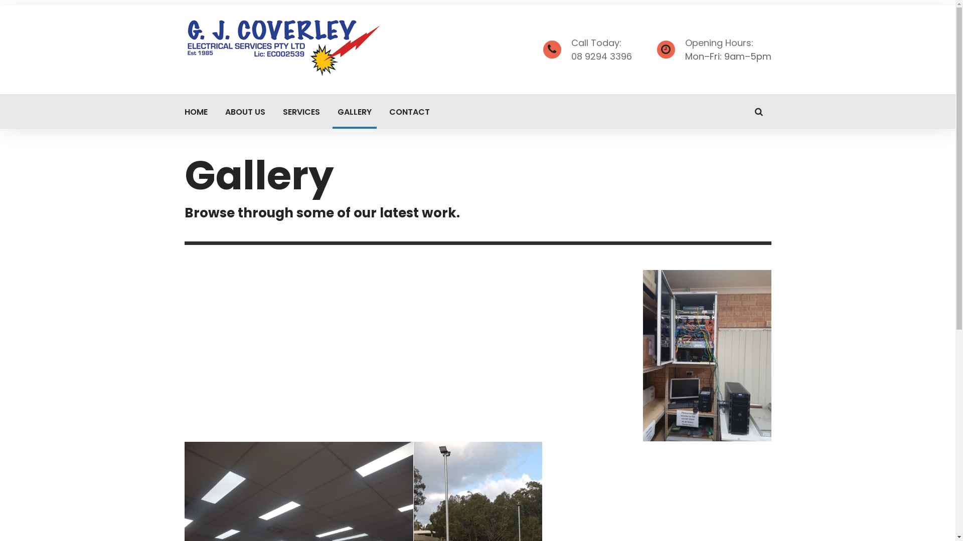 The image size is (963, 541). What do you see at coordinates (196, 111) in the screenshot?
I see `'HOME'` at bounding box center [196, 111].